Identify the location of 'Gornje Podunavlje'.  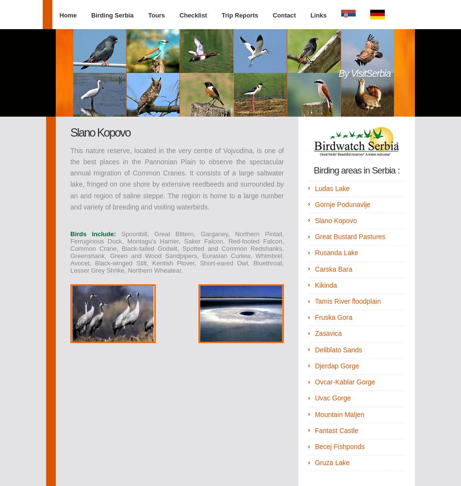
(342, 204).